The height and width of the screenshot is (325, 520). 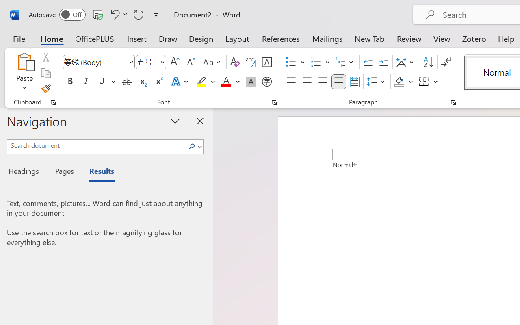 I want to click on 'Change Case', so click(x=213, y=62).